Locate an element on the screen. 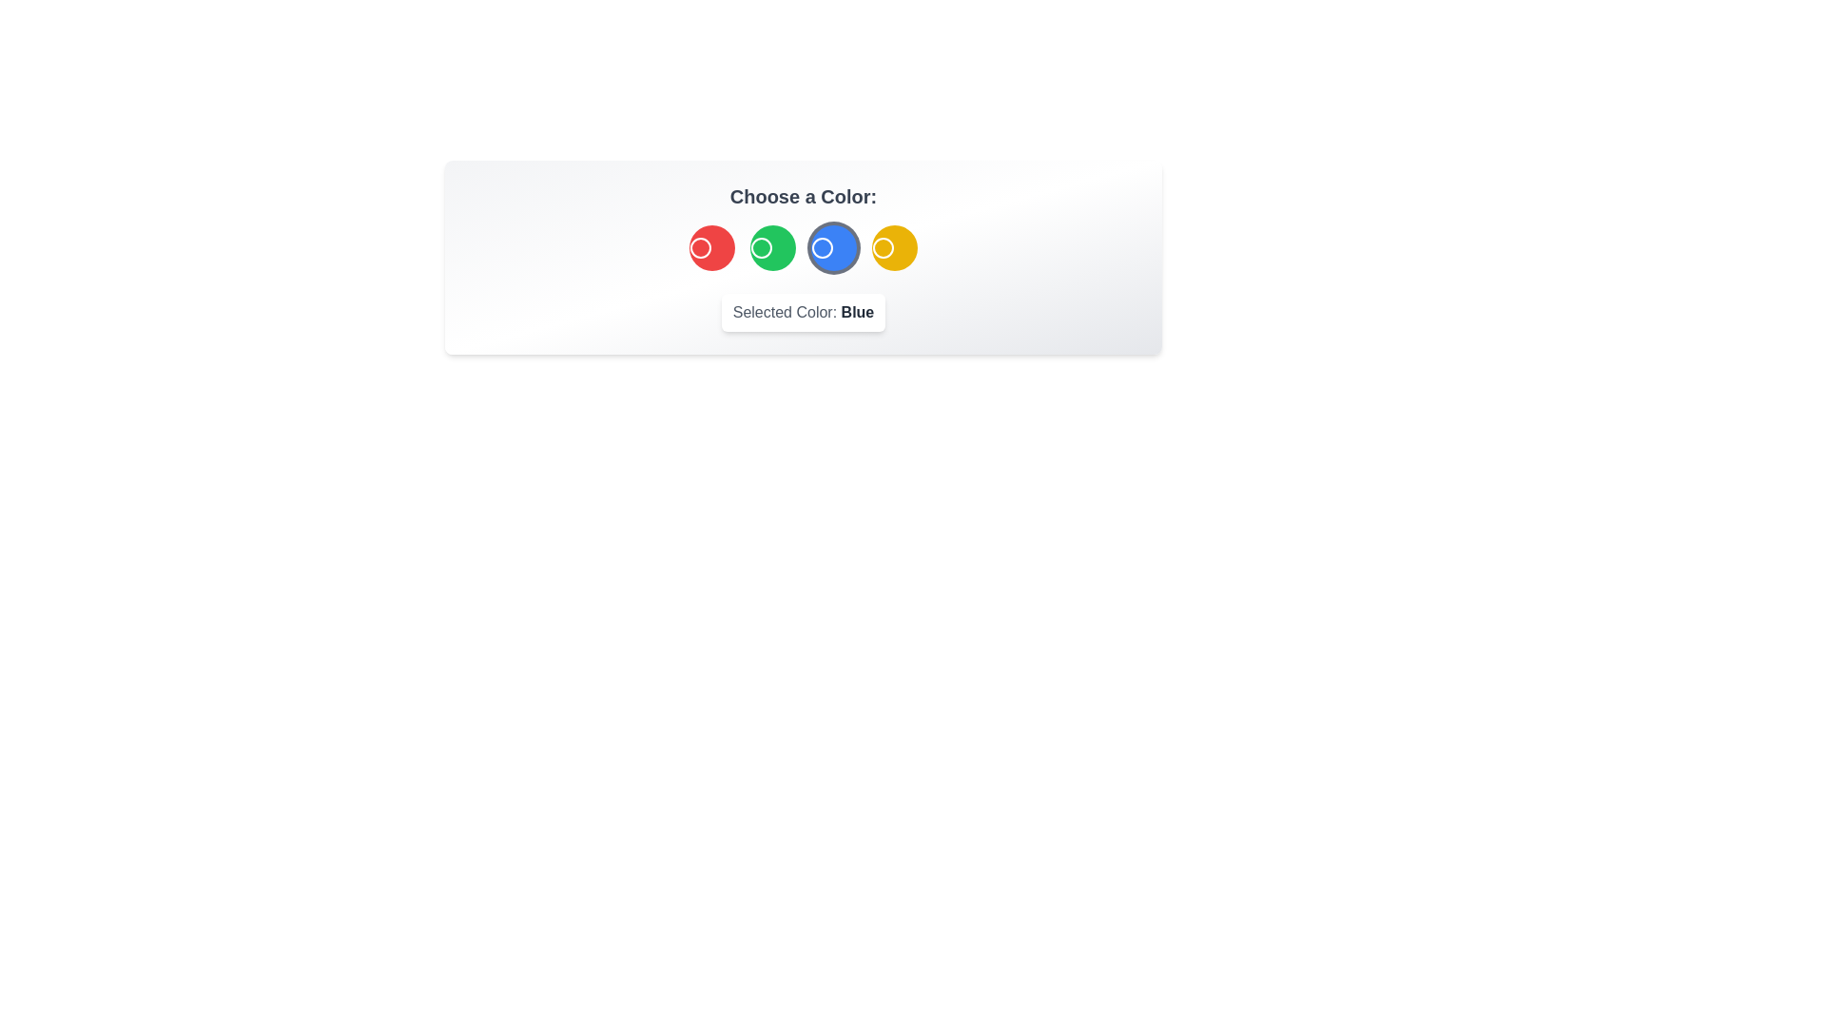  the text content of the element displaying the selected color is located at coordinates (803, 311).